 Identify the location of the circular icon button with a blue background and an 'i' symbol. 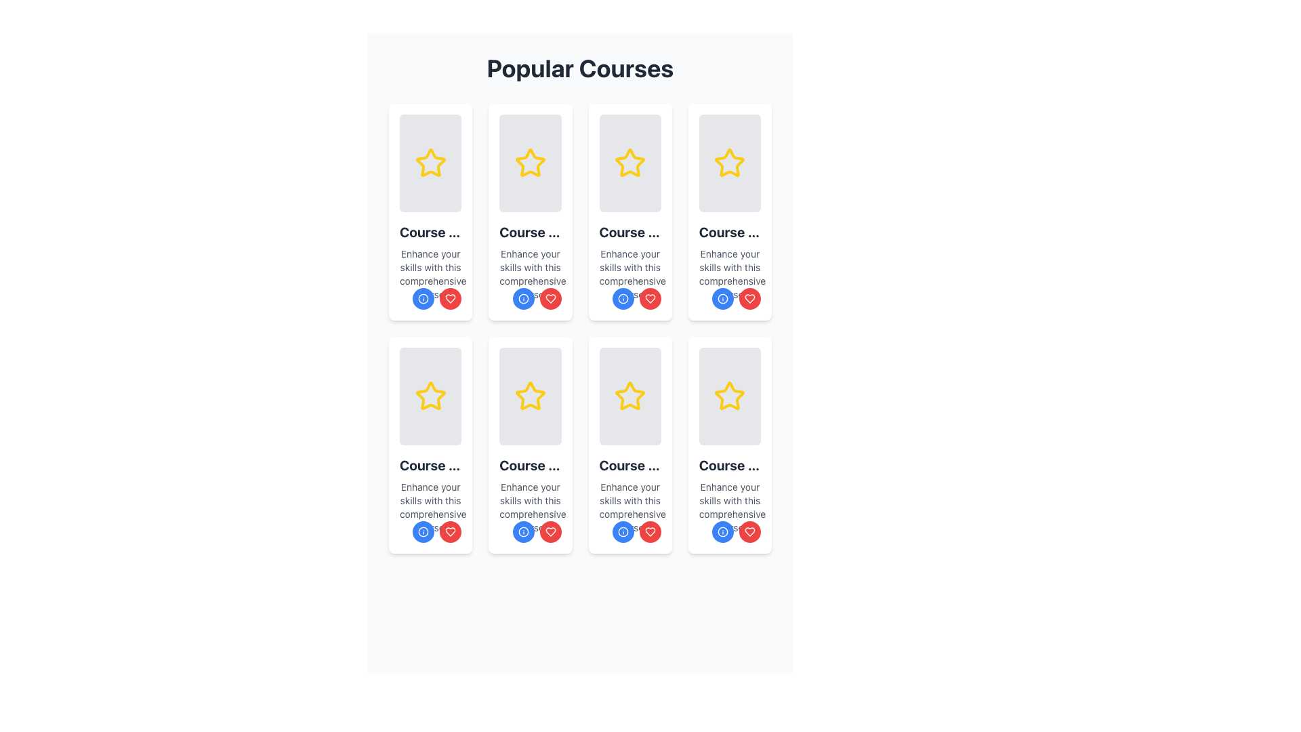
(722, 531).